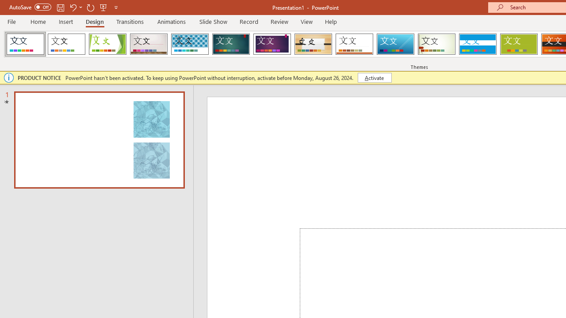  What do you see at coordinates (25, 44) in the screenshot?
I see `'FadeVTI'` at bounding box center [25, 44].